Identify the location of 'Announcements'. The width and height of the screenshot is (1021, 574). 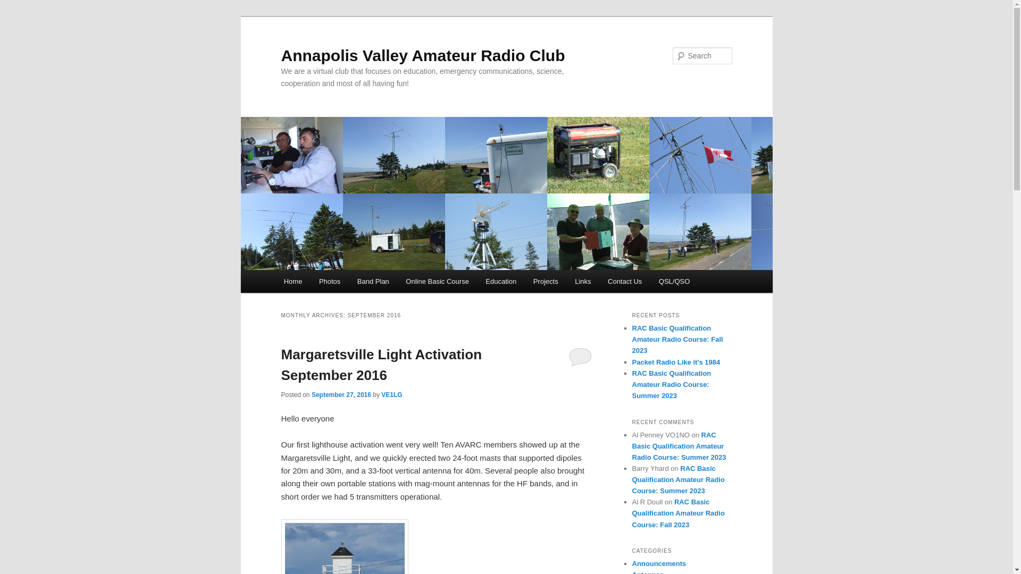
(658, 563).